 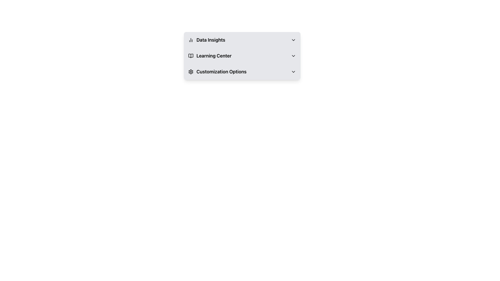 I want to click on the 'Learning Center' menu item, which is centrally positioned between 'Data Insights' and 'Customization Options' in the grouped menu system, so click(x=210, y=56).